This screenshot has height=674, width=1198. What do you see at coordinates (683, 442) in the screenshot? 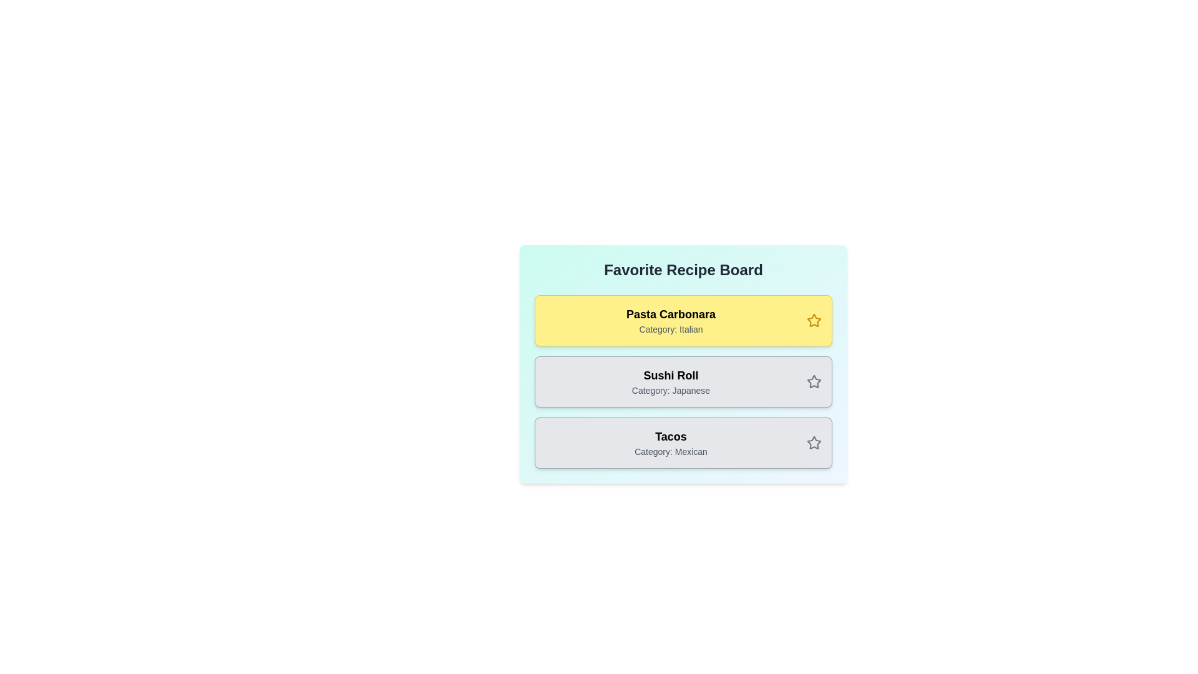
I see `the recipe card for Tacos` at bounding box center [683, 442].